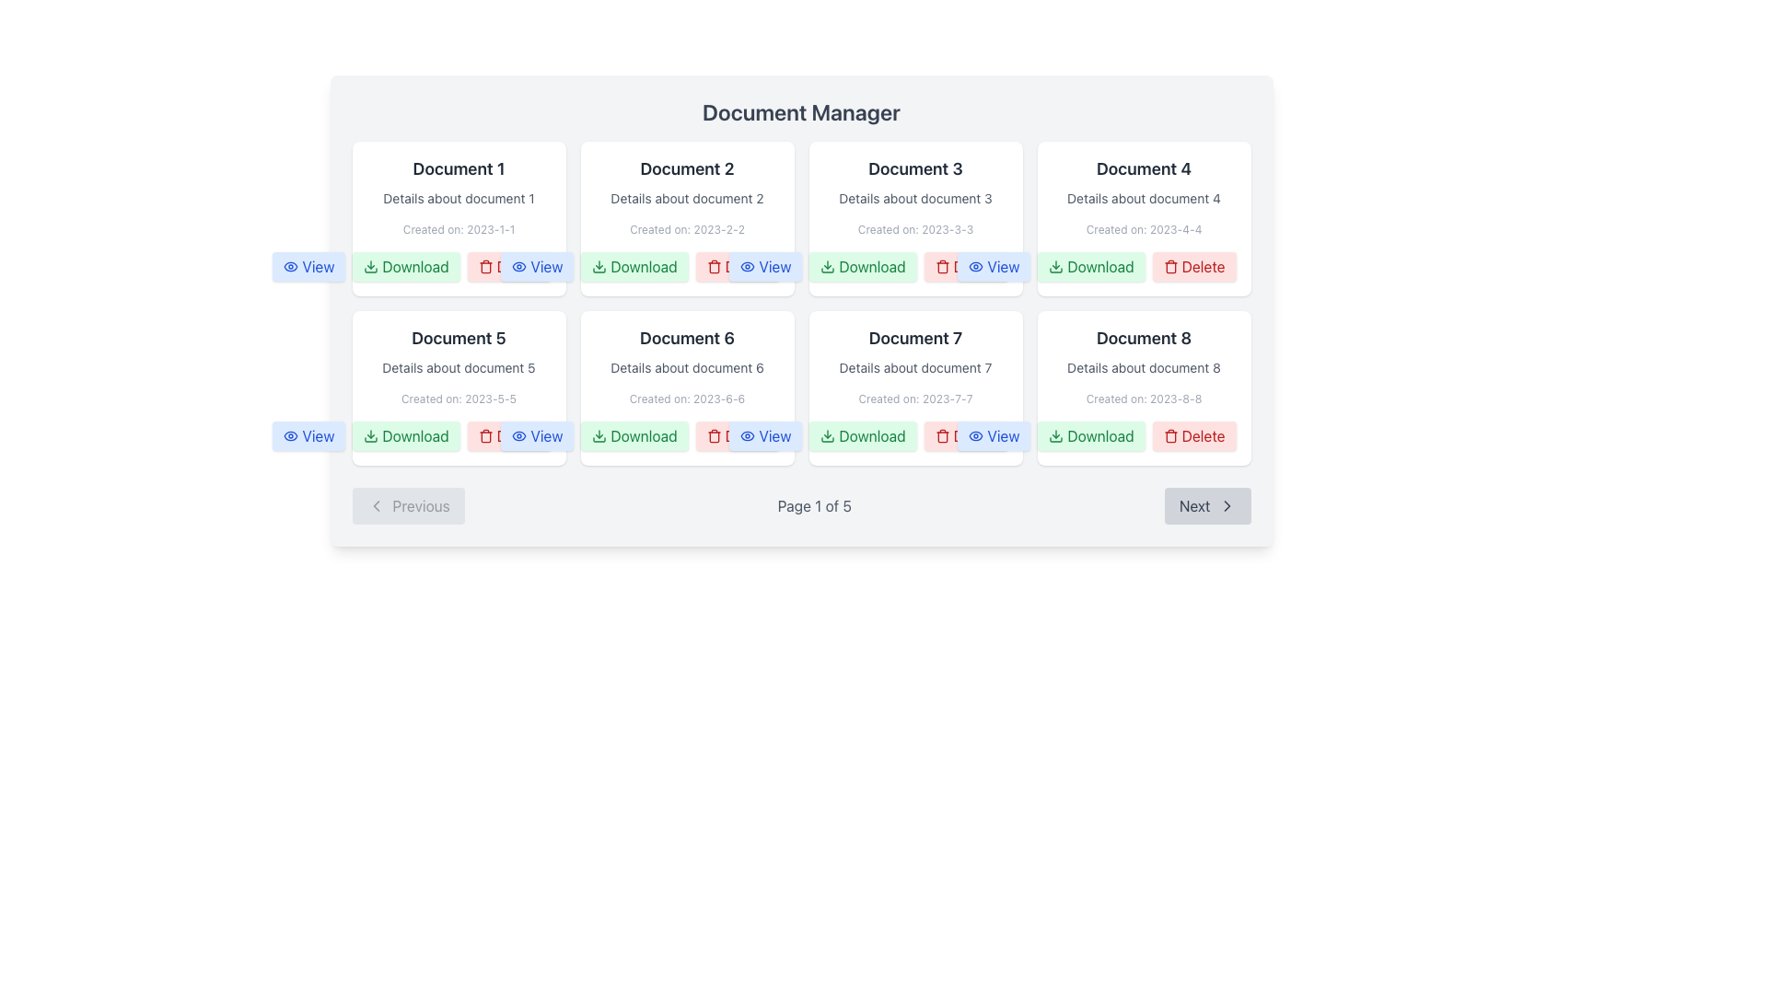  I want to click on the 'Download' button in the card displaying 'Document 4', which is located in the top-right corner of the first row of the grid, so click(1143, 218).